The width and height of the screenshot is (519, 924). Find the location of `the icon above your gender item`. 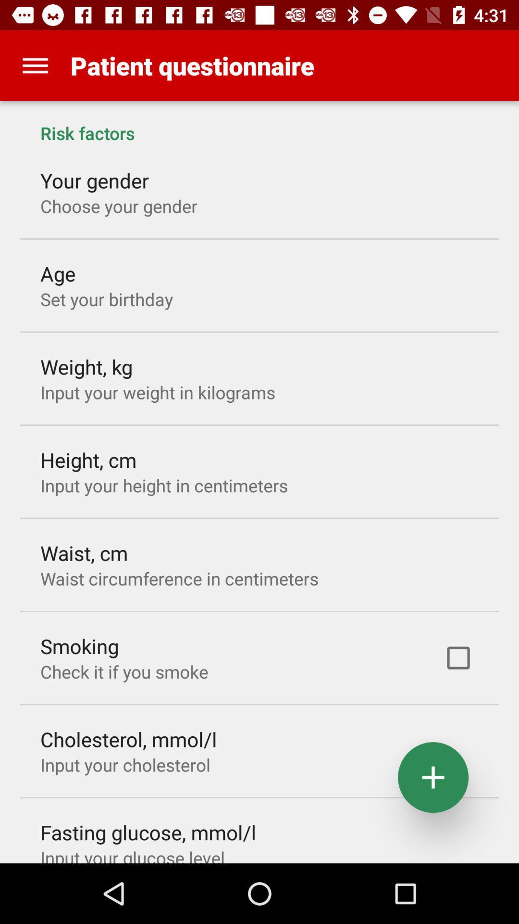

the icon above your gender item is located at coordinates (259, 122).